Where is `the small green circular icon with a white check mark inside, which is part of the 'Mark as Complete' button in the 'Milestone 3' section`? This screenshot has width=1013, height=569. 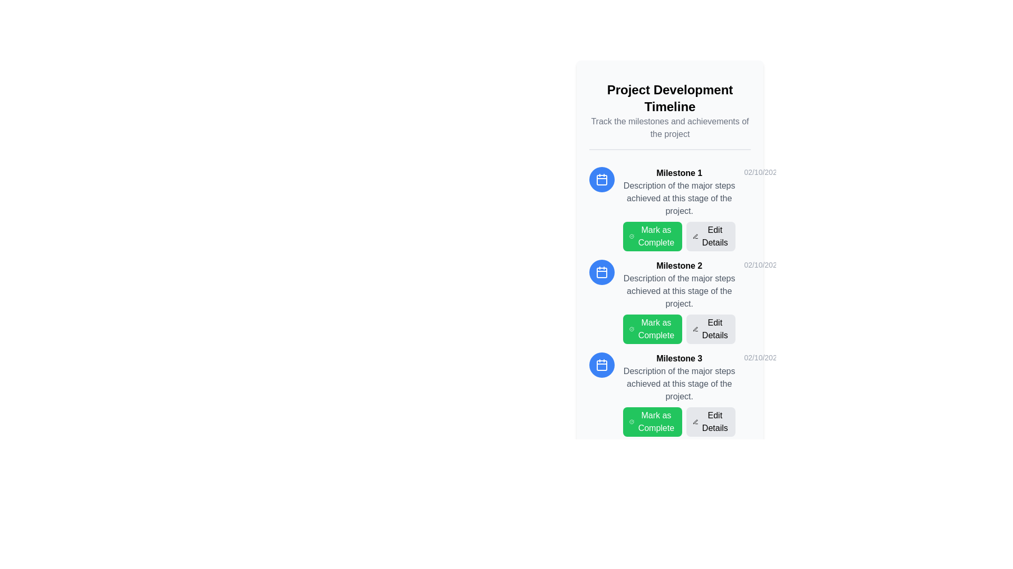 the small green circular icon with a white check mark inside, which is part of the 'Mark as Complete' button in the 'Milestone 3' section is located at coordinates (632, 421).